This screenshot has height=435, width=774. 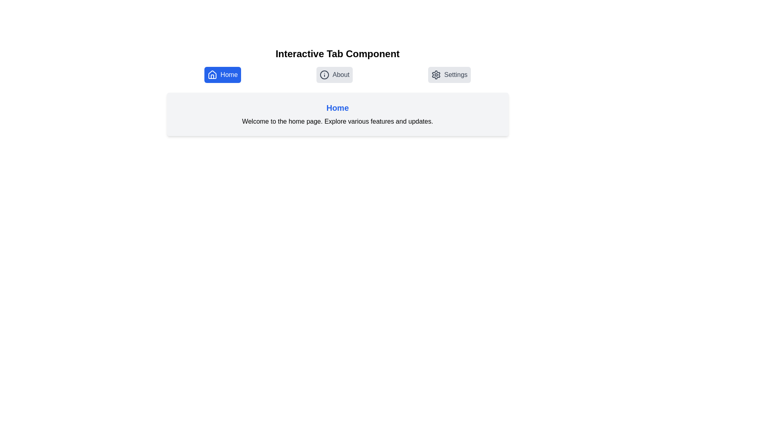 I want to click on the tab icon labeled Settings to explore its content, so click(x=449, y=75).